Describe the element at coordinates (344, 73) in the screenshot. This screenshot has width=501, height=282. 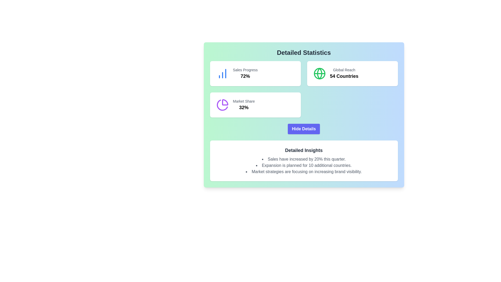
I see `displayed text '54 Countries' from the primary textual content component located within the white card on the right side of the second row, below the header and to the right of the green globe icon` at that location.